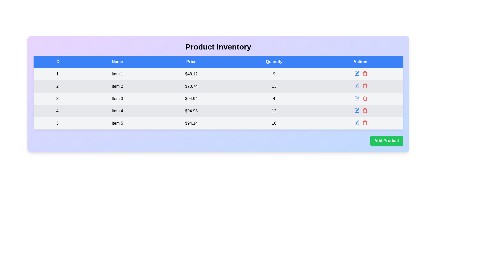 This screenshot has height=277, width=492. What do you see at coordinates (218, 86) in the screenshot?
I see `the second row in the product inventory table, which displays ID '2', name 'Item 2', price '$70.74', and quantity '13', for further operations` at bounding box center [218, 86].